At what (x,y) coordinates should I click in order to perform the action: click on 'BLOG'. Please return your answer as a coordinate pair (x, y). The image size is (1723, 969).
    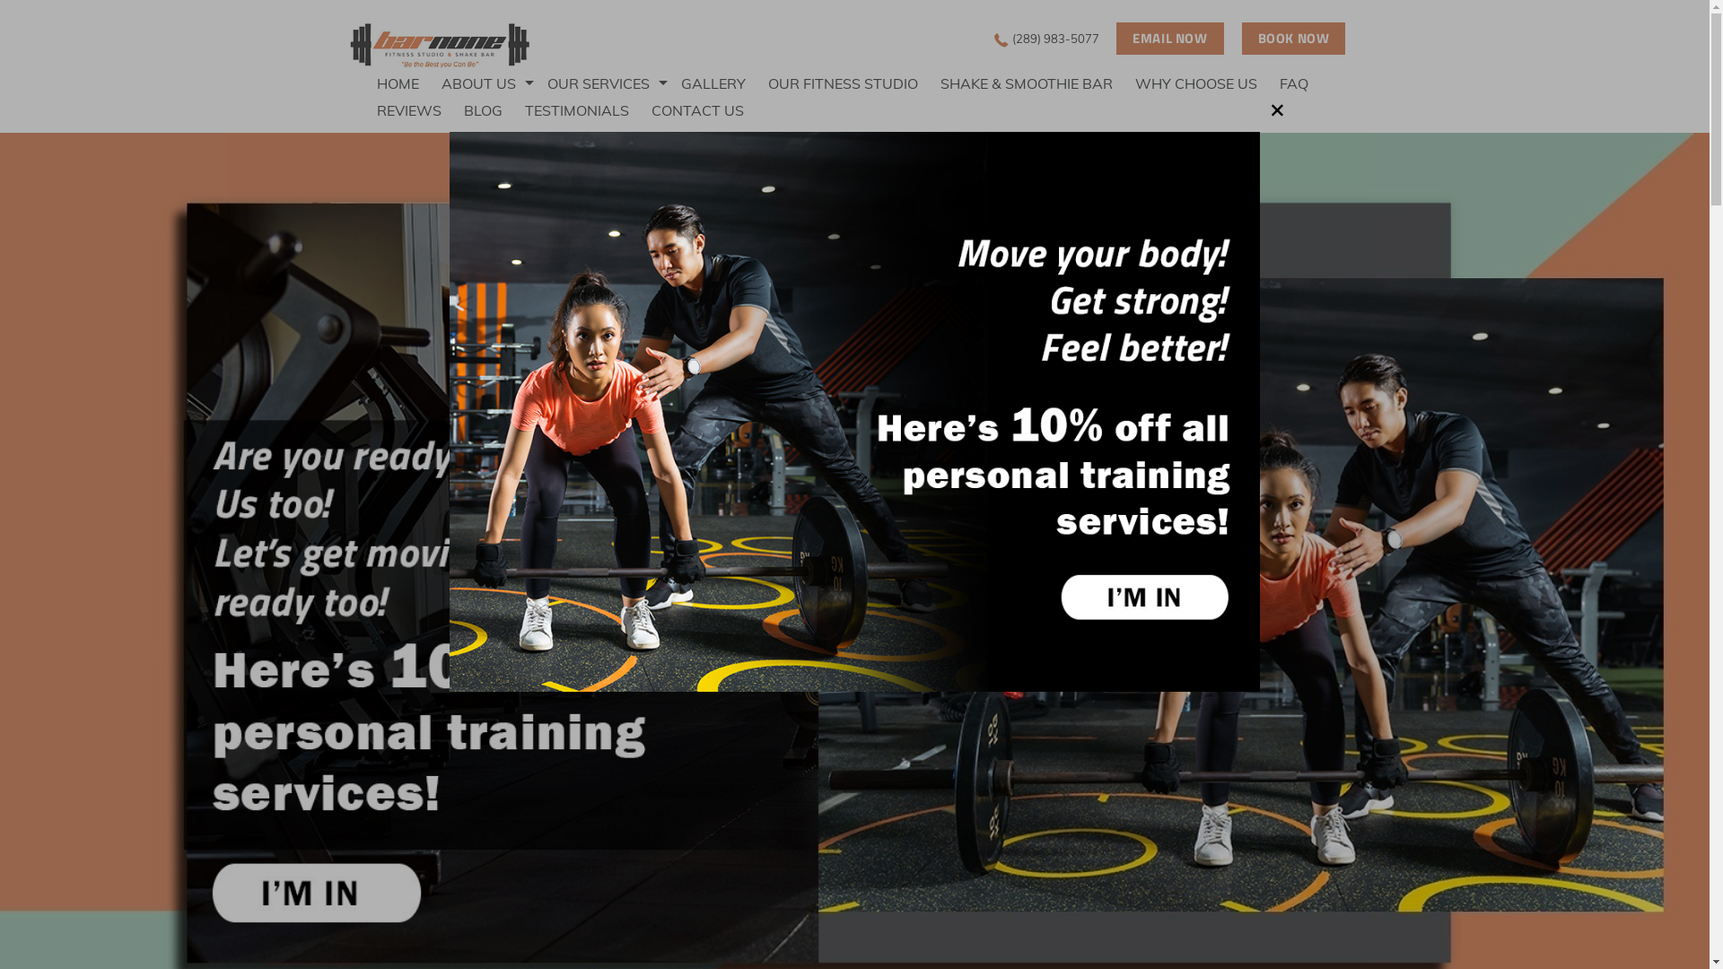
    Looking at the image, I should click on (464, 110).